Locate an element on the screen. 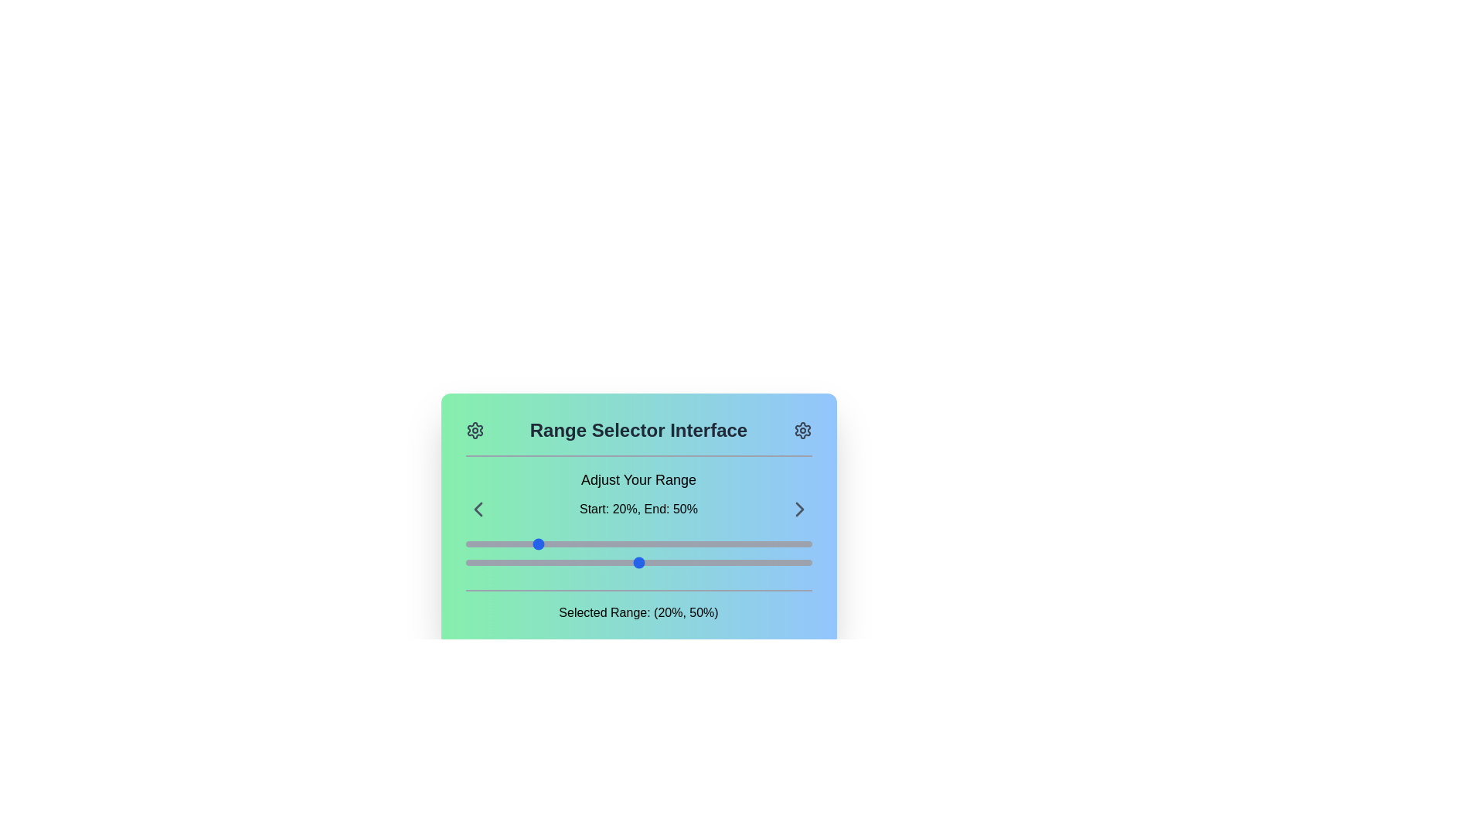  the settings icon located on the far left of the horizontal row in the top section of the interface, adjacent to the title text 'Range Selector Interface' is located at coordinates (802, 430).